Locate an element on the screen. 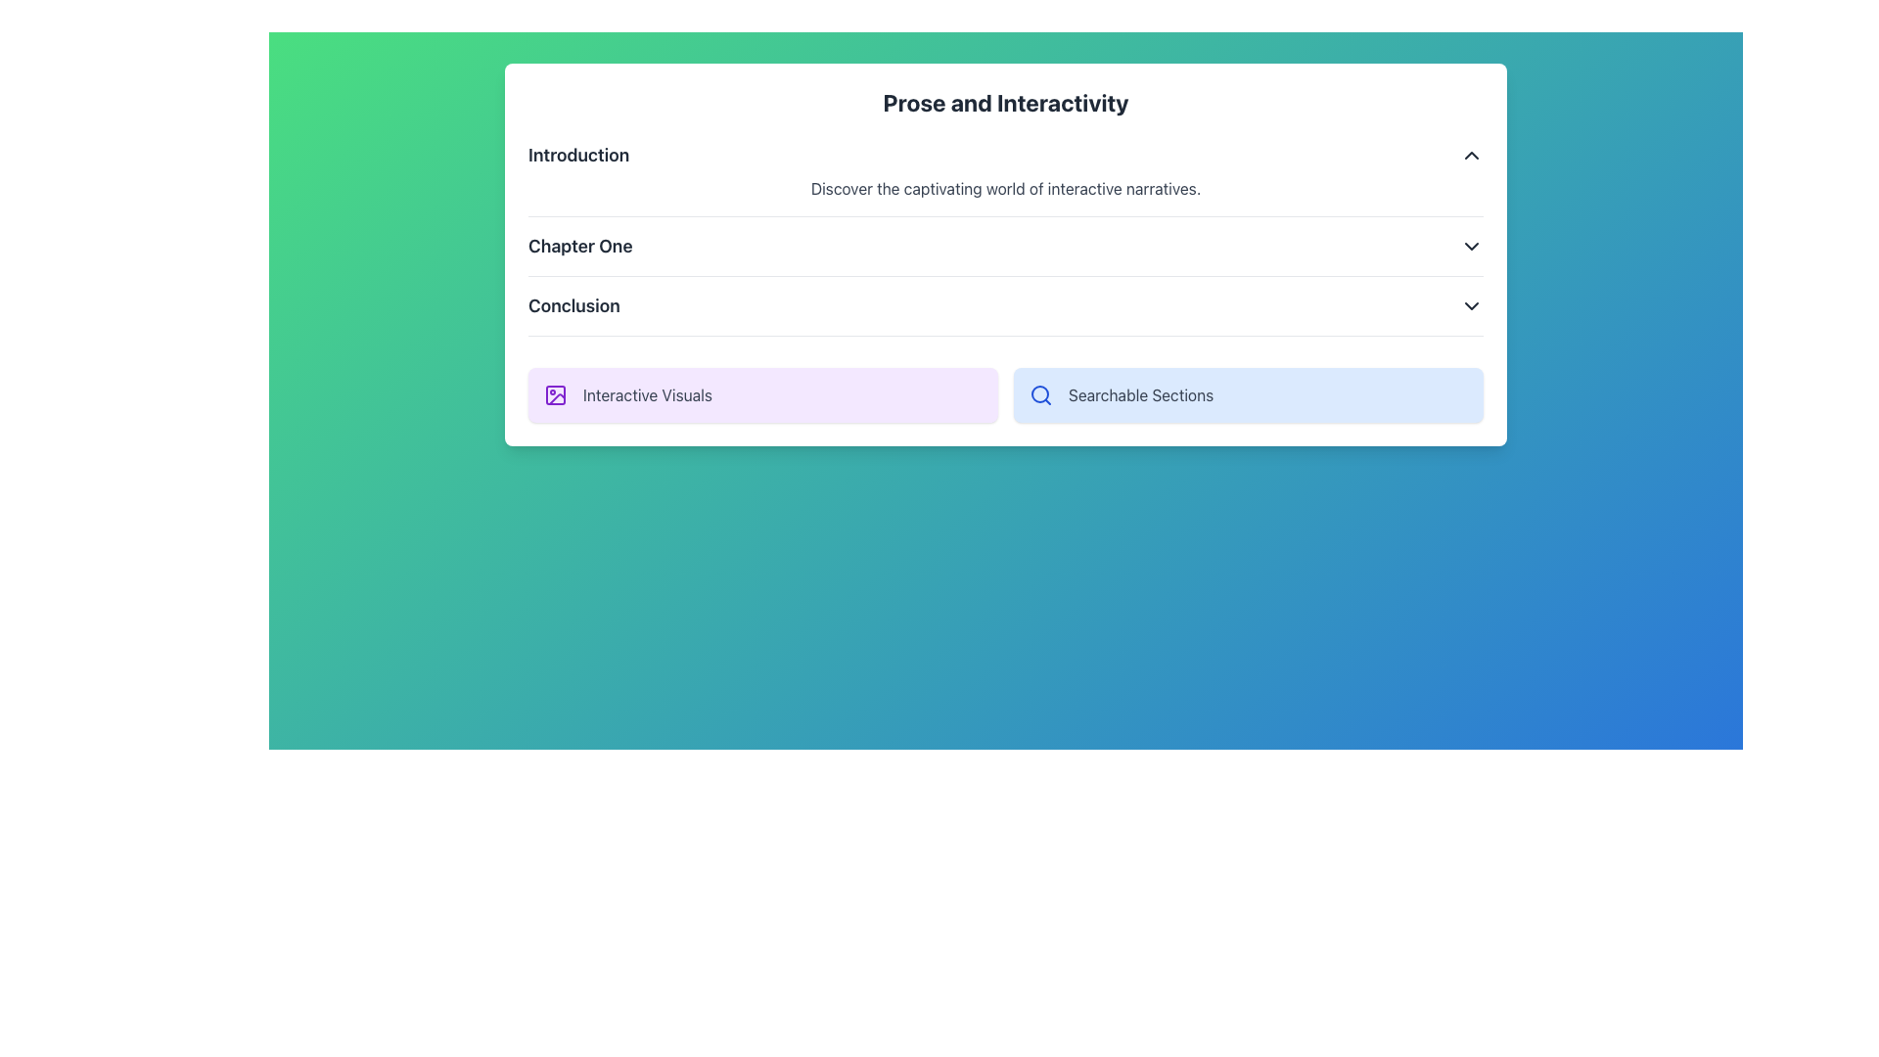  the decorative vector graphic element that is part of the icon, which is a small rectangular shape with rounded corners, located adjacent to the 'Interactive Visuals' label in the card interface is located at coordinates (554, 395).